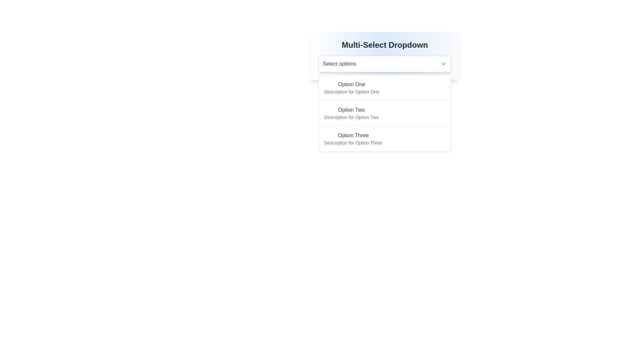 The height and width of the screenshot is (358, 637). I want to click on the text label for the second dropdown option in the 'Multi-Select Dropdown' list, which provides clarity about the option it represents, so click(351, 109).